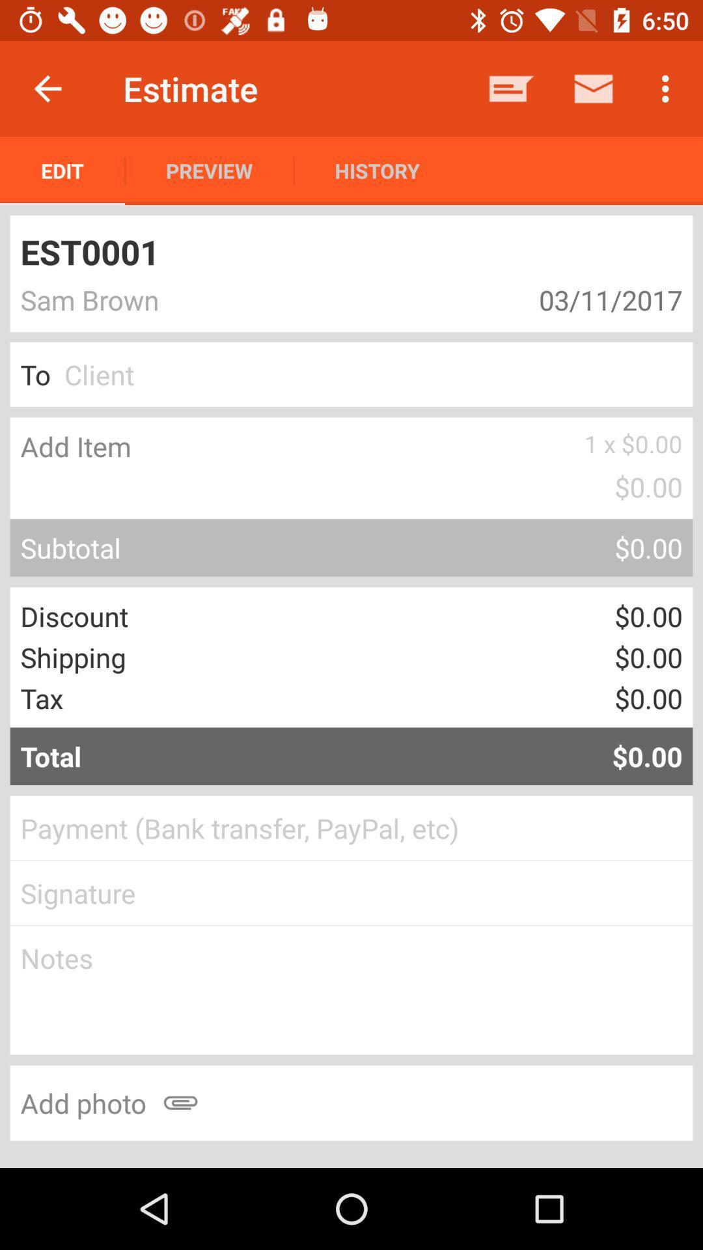  What do you see at coordinates (62, 170) in the screenshot?
I see `icon next to preview icon` at bounding box center [62, 170].